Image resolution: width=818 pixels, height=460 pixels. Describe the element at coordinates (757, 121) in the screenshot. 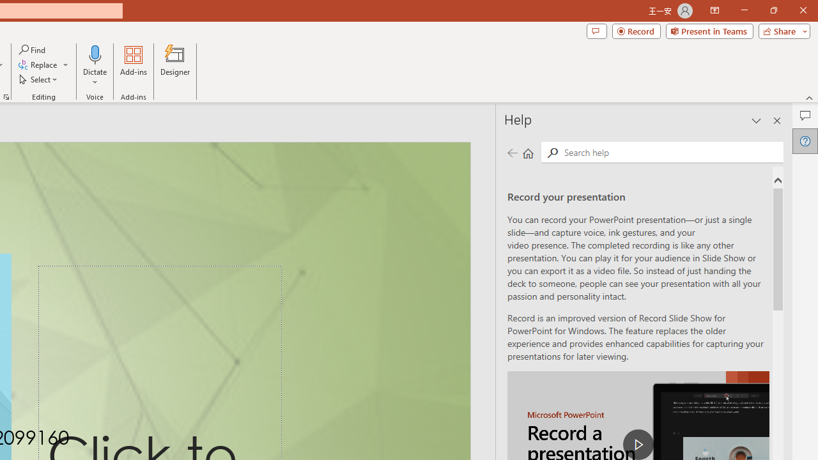

I see `'Task Pane Options'` at that location.